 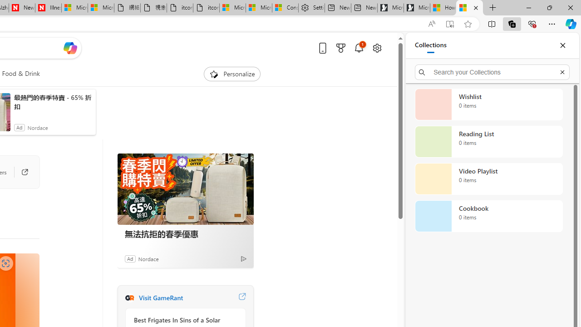 I want to click on 'Open Copilot', so click(x=70, y=48).